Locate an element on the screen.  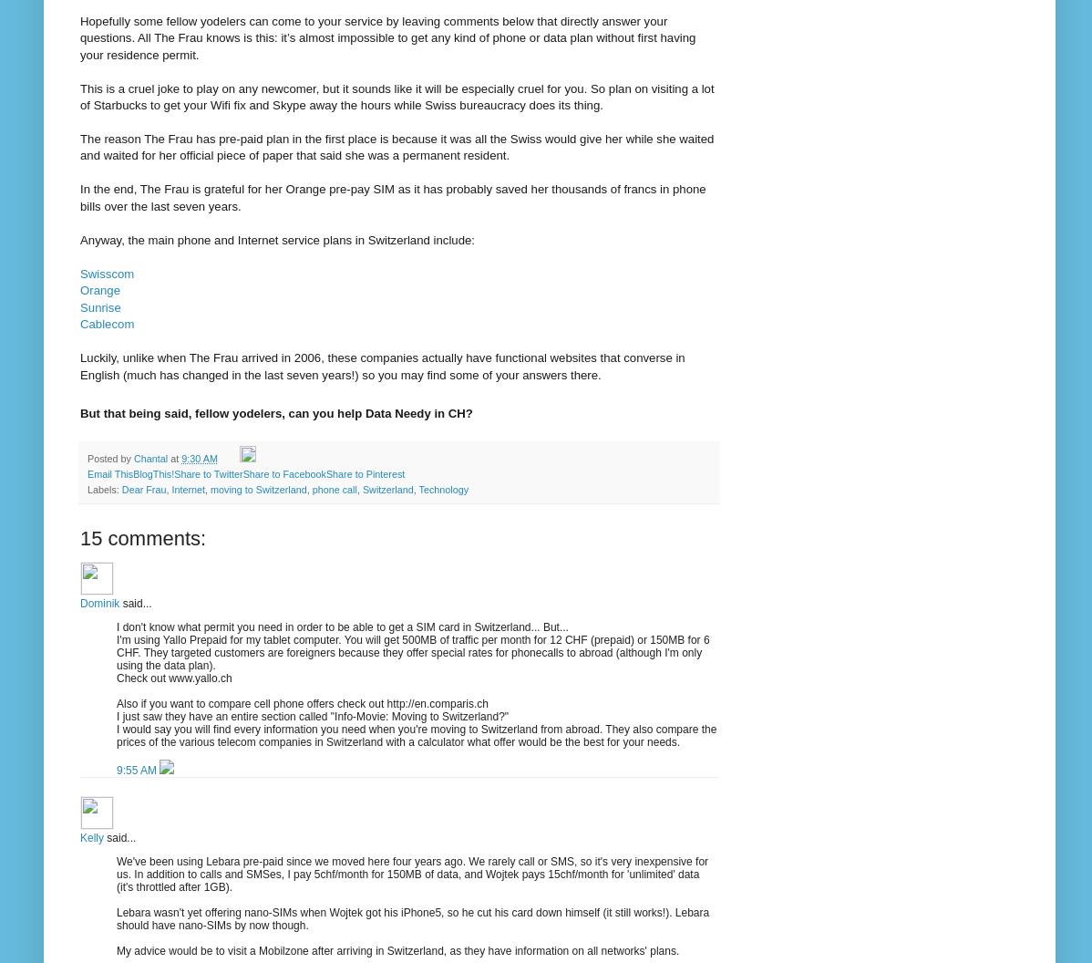
'We've been using Lebara pre-paid since we moved here four years ago. We rarely call or SMS, so it's very inexpensive for us. In addition to calls and SMSes, I pay 5chf/month for 150MB of data, and Wojtek pays 15chf/month for 'unlimited' data (it's throttled after 1GB).' is located at coordinates (412, 874).